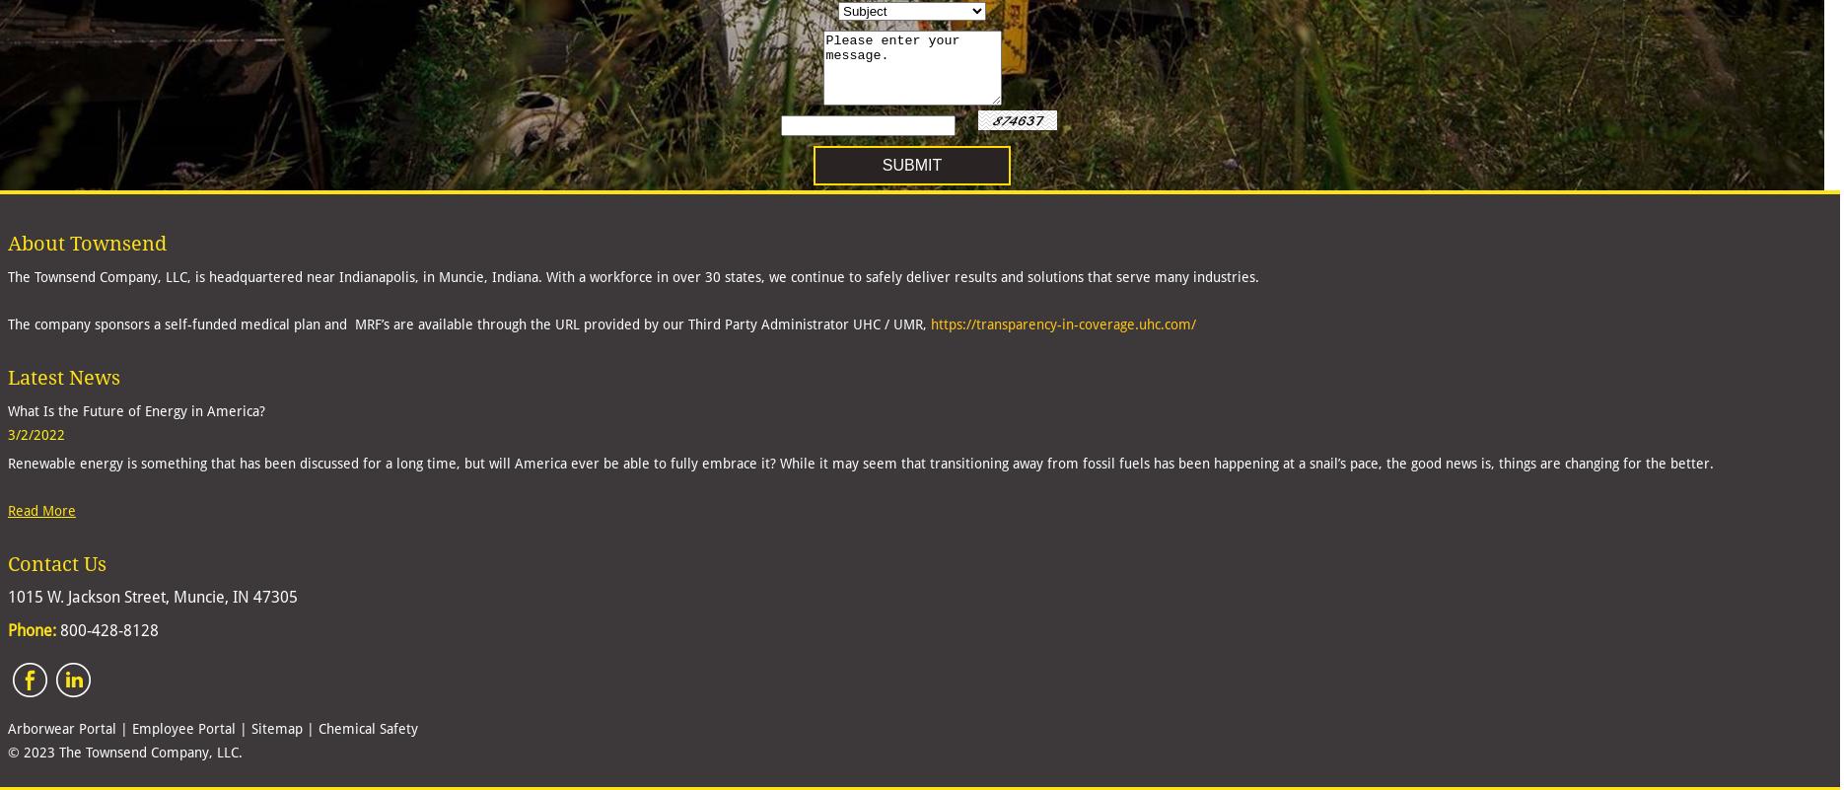  What do you see at coordinates (368, 727) in the screenshot?
I see `'Chemical Safety'` at bounding box center [368, 727].